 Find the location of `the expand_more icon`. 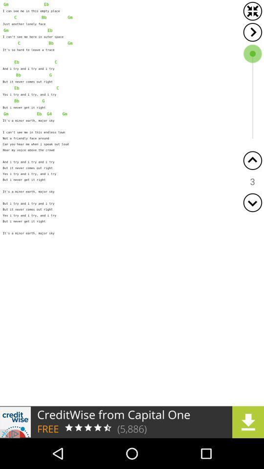

the expand_more icon is located at coordinates (252, 202).